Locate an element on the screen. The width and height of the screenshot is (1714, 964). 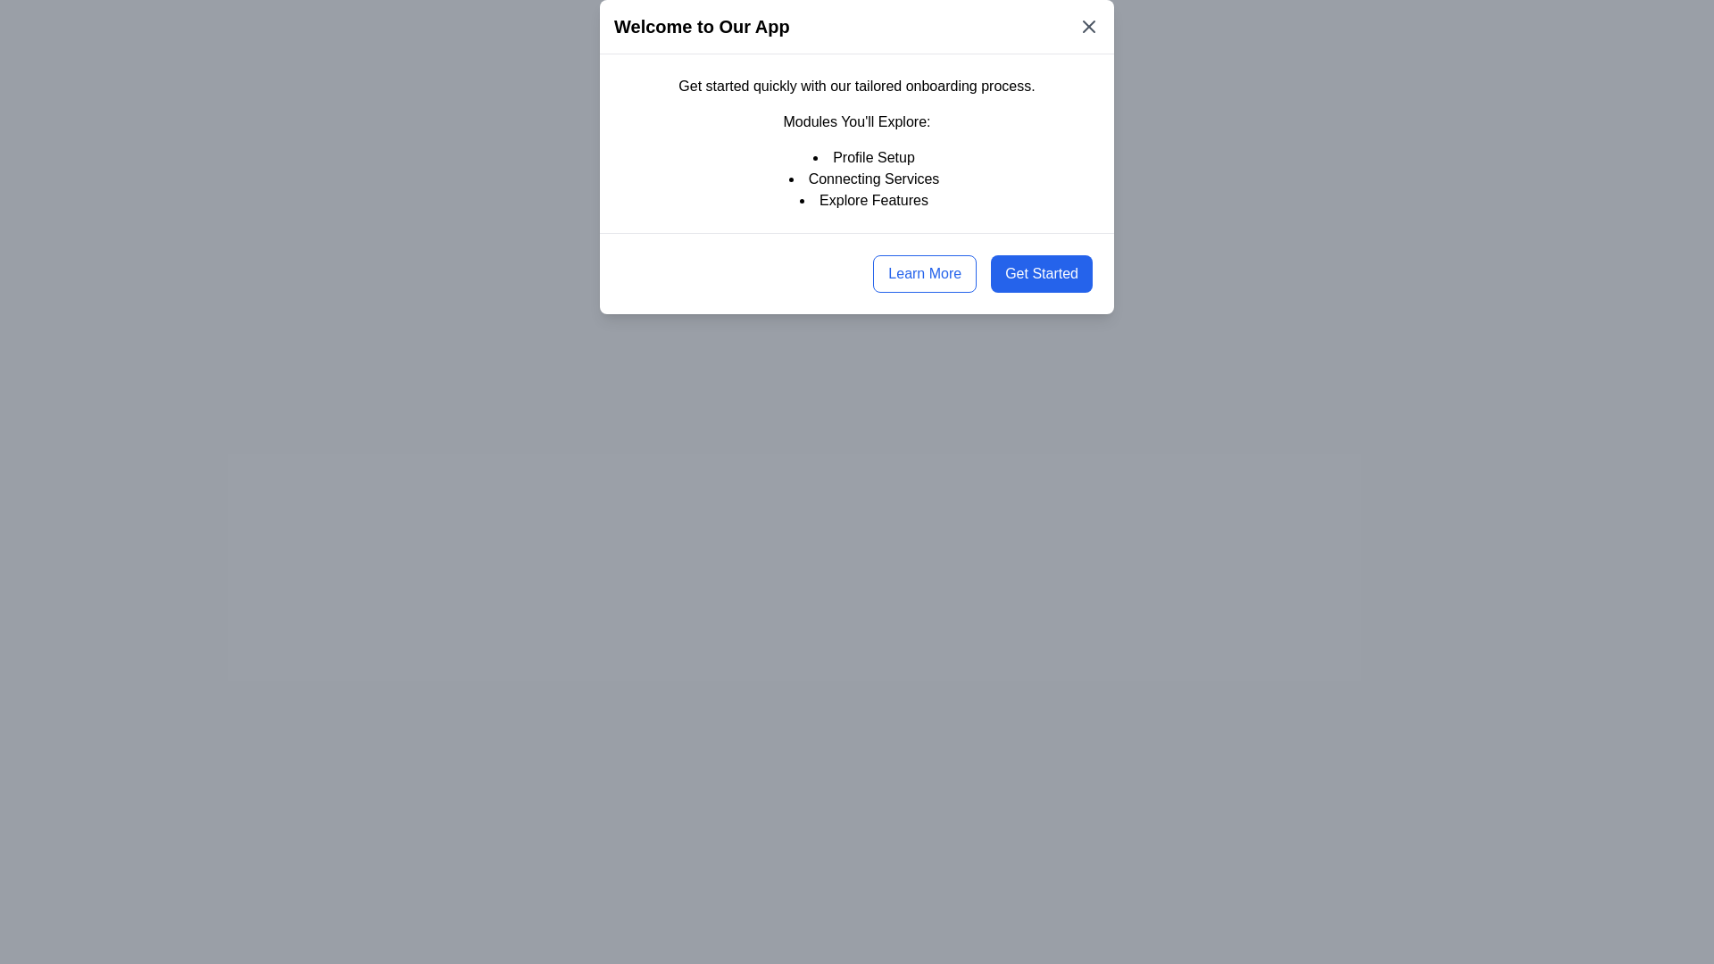
text label 'Explore Features' which is the third item in a bulleted list within the dialog box titled 'Welcome to Our App' is located at coordinates (864, 200).